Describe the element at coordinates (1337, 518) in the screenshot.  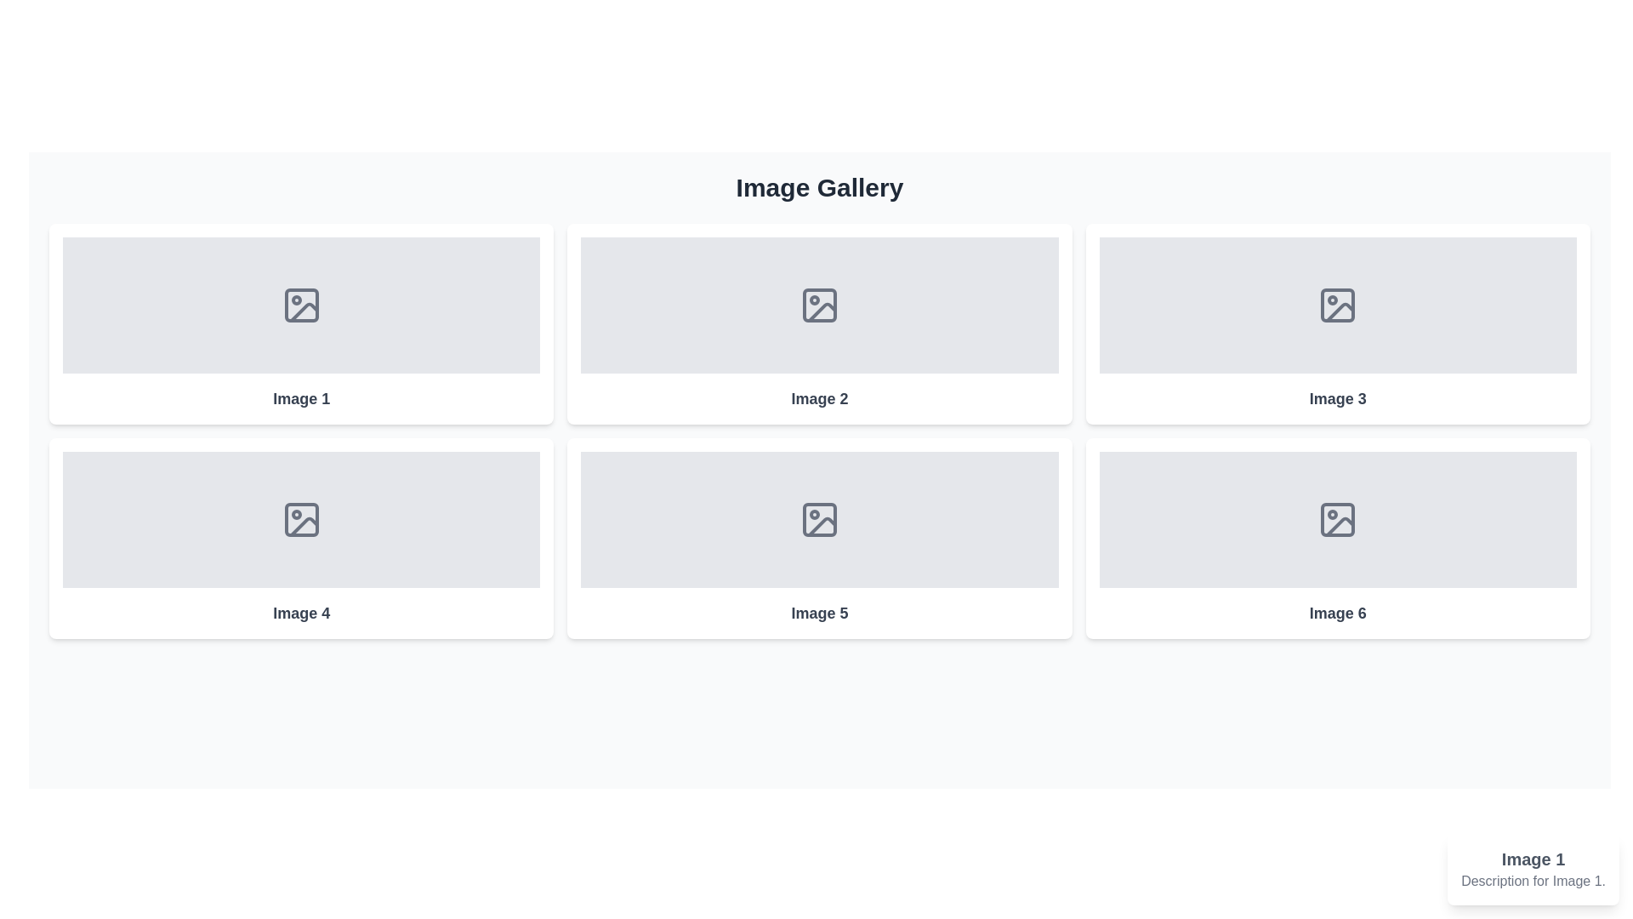
I see `the visual placeholder with a light gray background and a centered image icon, located within the 'Image 6' card in the bottom-right corner of a 2x3 grid layout` at that location.